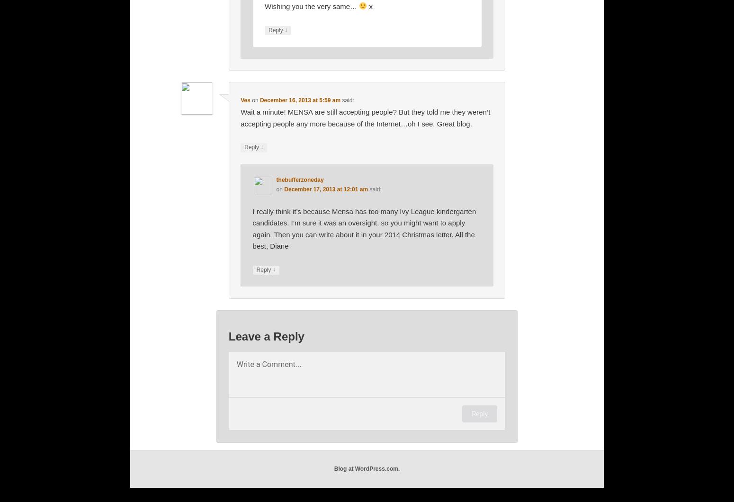 This screenshot has width=734, height=502. Describe the element at coordinates (245, 99) in the screenshot. I see `'Ves'` at that location.